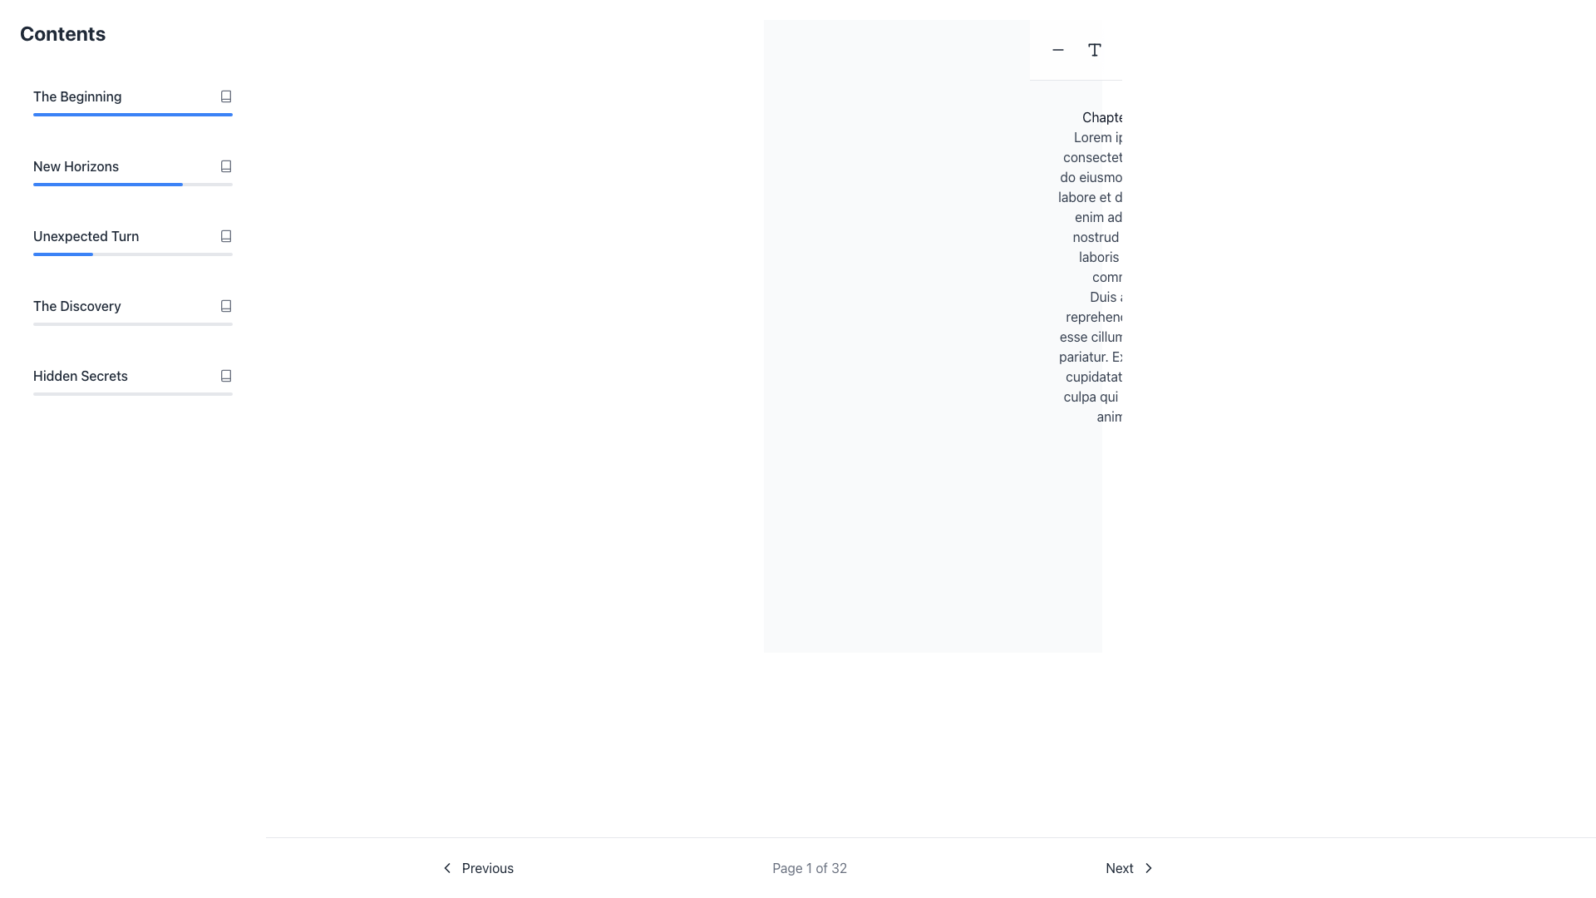  I want to click on the progress bar that visually represents the completion related to 'The Beginning', positioned beneath the corresponding text, so click(131, 114).